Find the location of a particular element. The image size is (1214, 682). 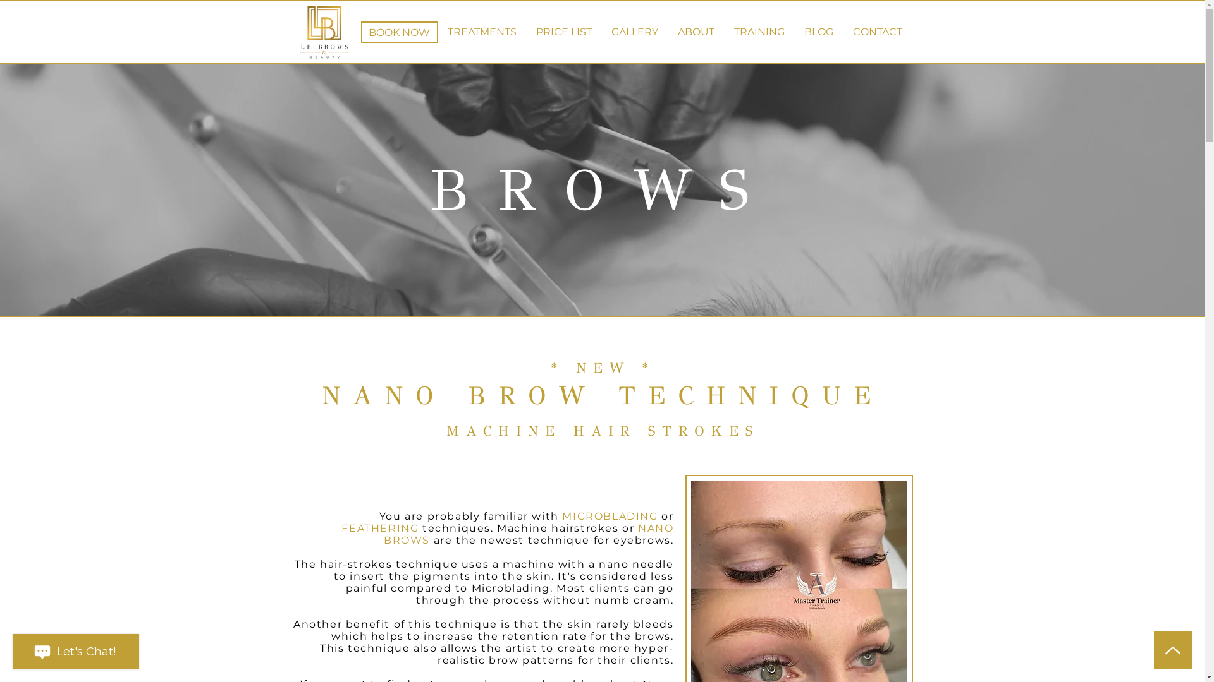

'TRAINING' is located at coordinates (759, 31).